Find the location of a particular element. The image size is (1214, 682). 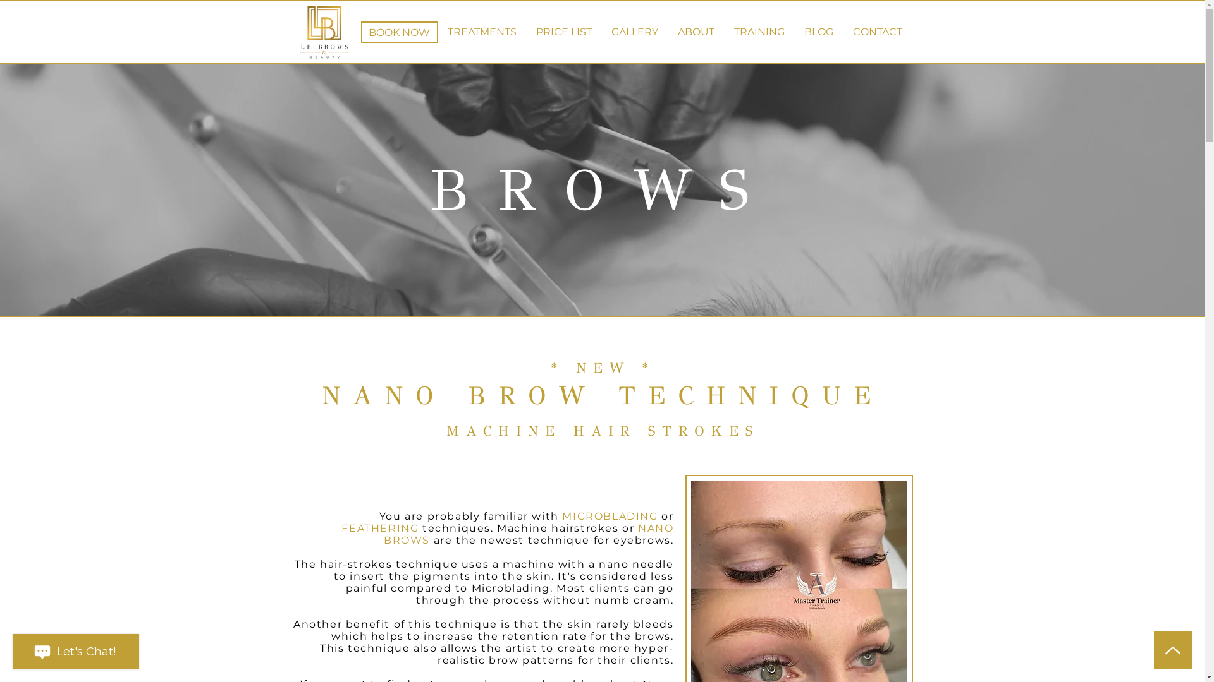

'TRAINING' is located at coordinates (759, 31).